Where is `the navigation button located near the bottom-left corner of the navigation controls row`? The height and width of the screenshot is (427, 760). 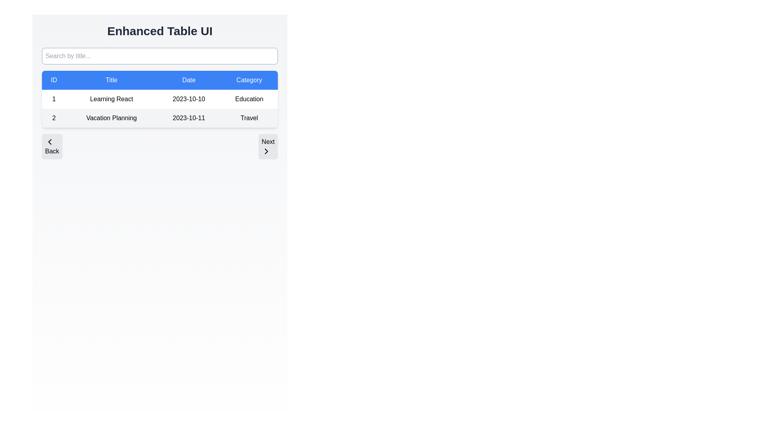
the navigation button located near the bottom-left corner of the navigation controls row is located at coordinates (51, 146).